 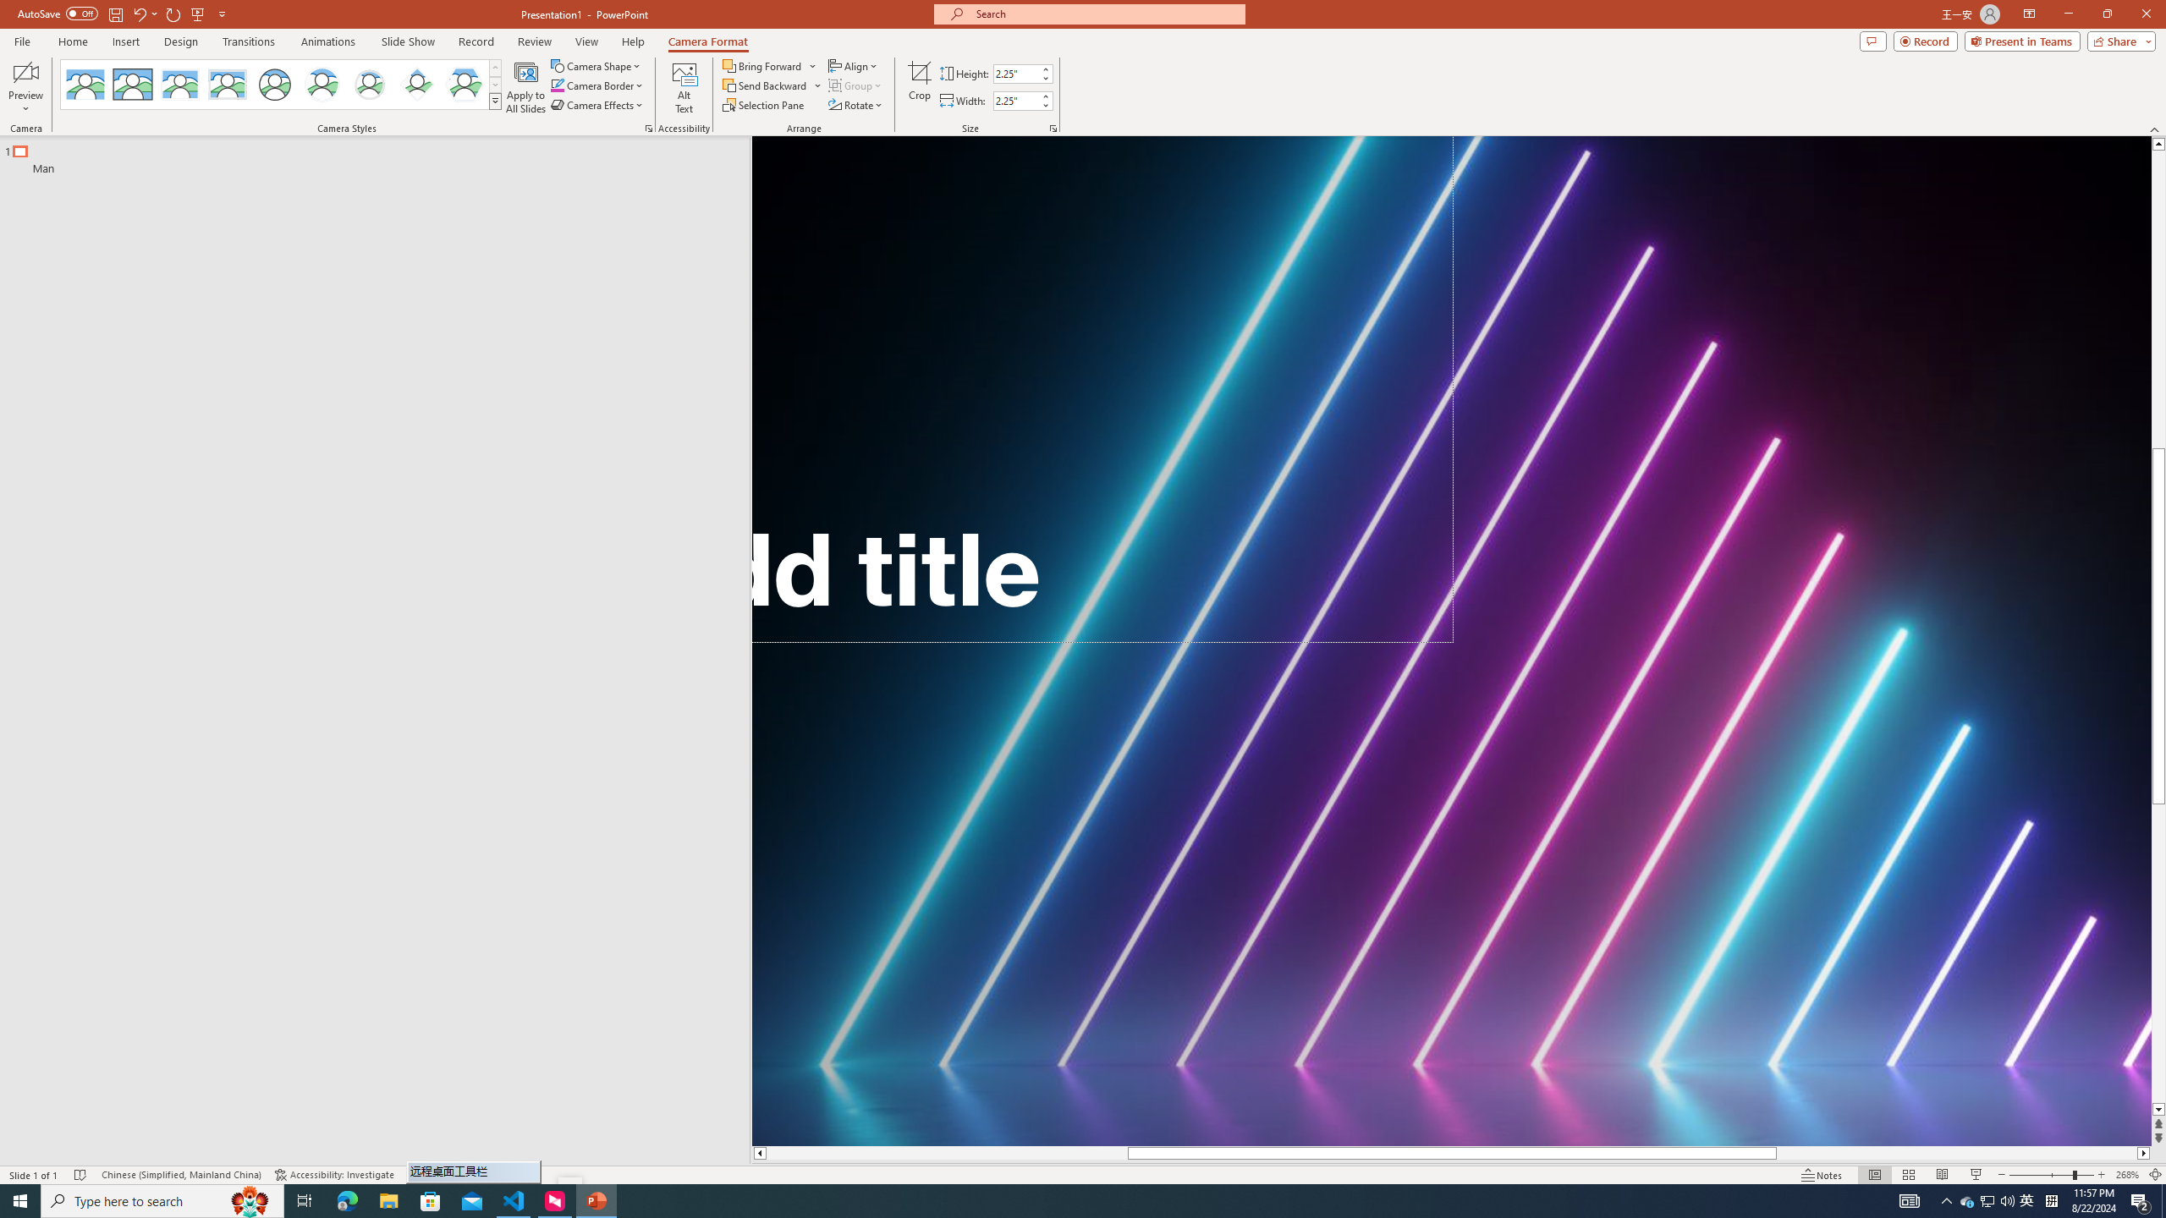 I want to click on 'Center Shadow Circle', so click(x=322, y=84).